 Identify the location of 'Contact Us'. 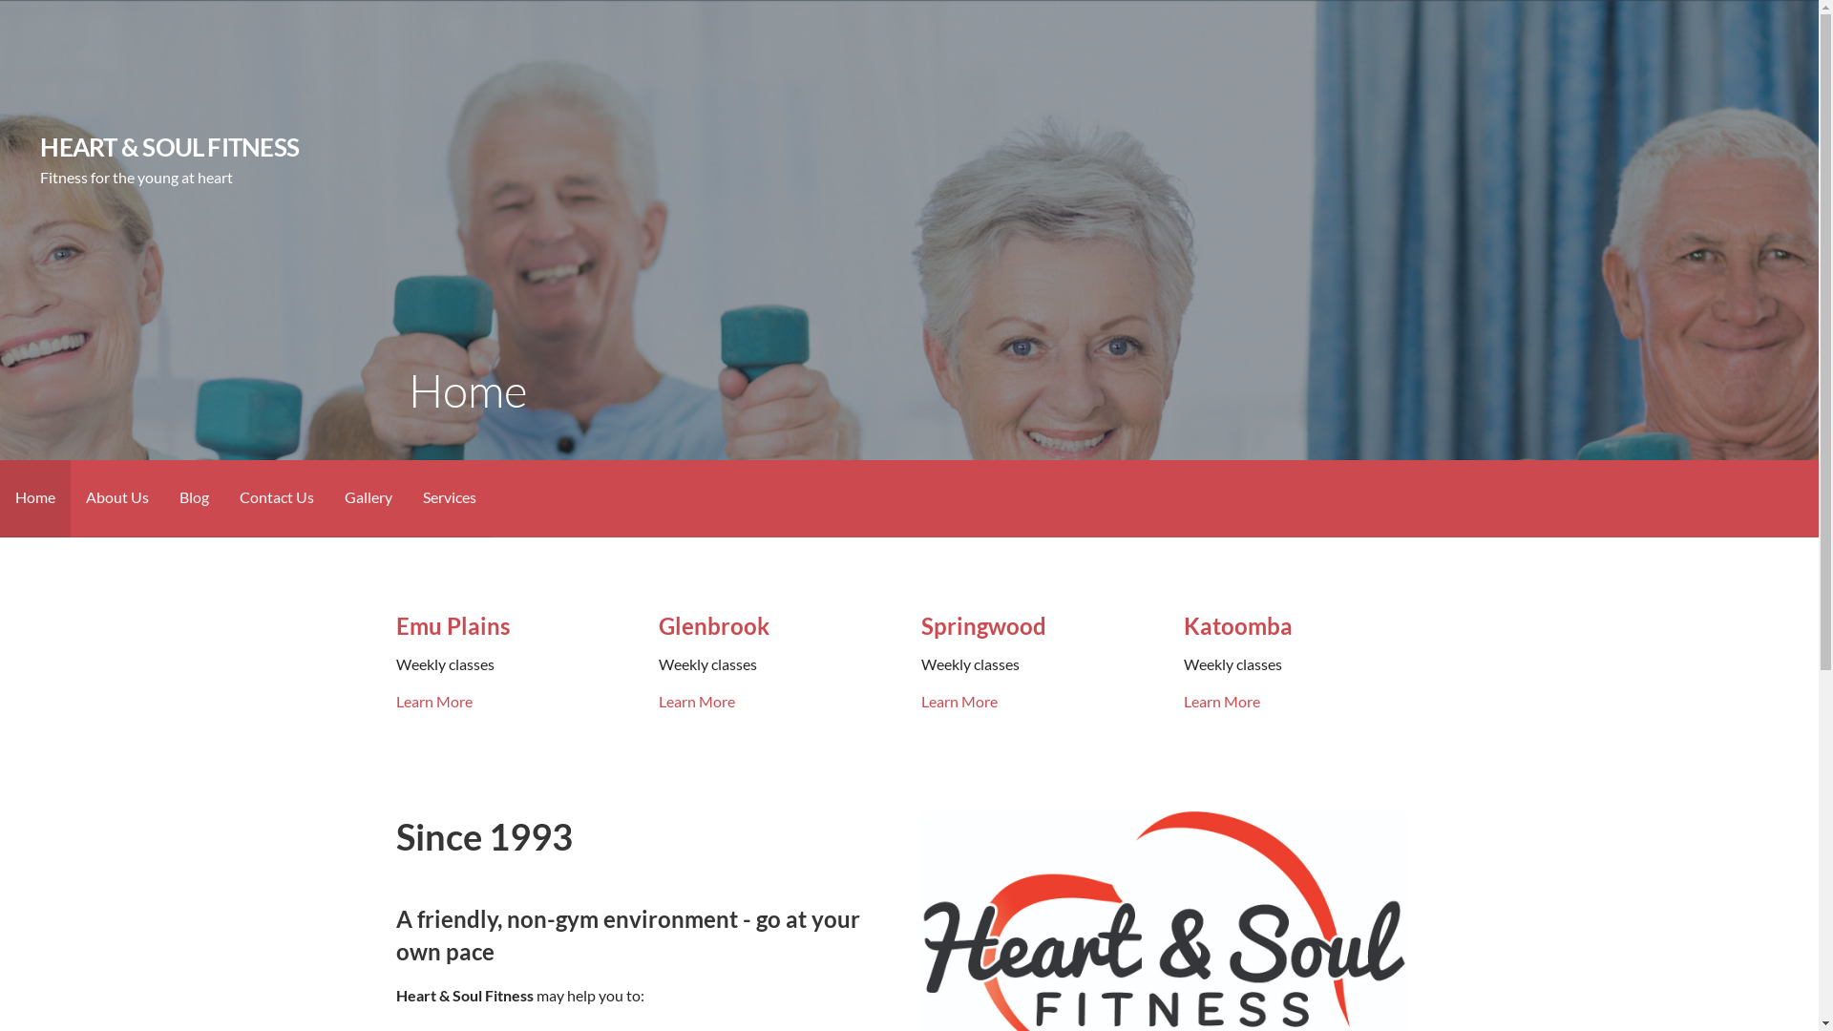
(224, 497).